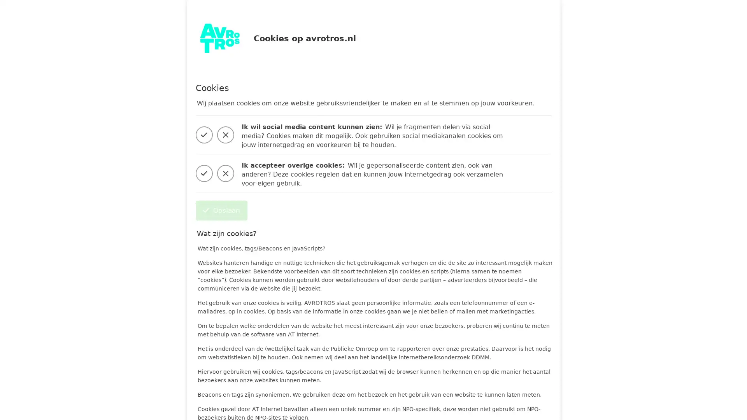  What do you see at coordinates (221, 210) in the screenshot?
I see `Opslaan` at bounding box center [221, 210].